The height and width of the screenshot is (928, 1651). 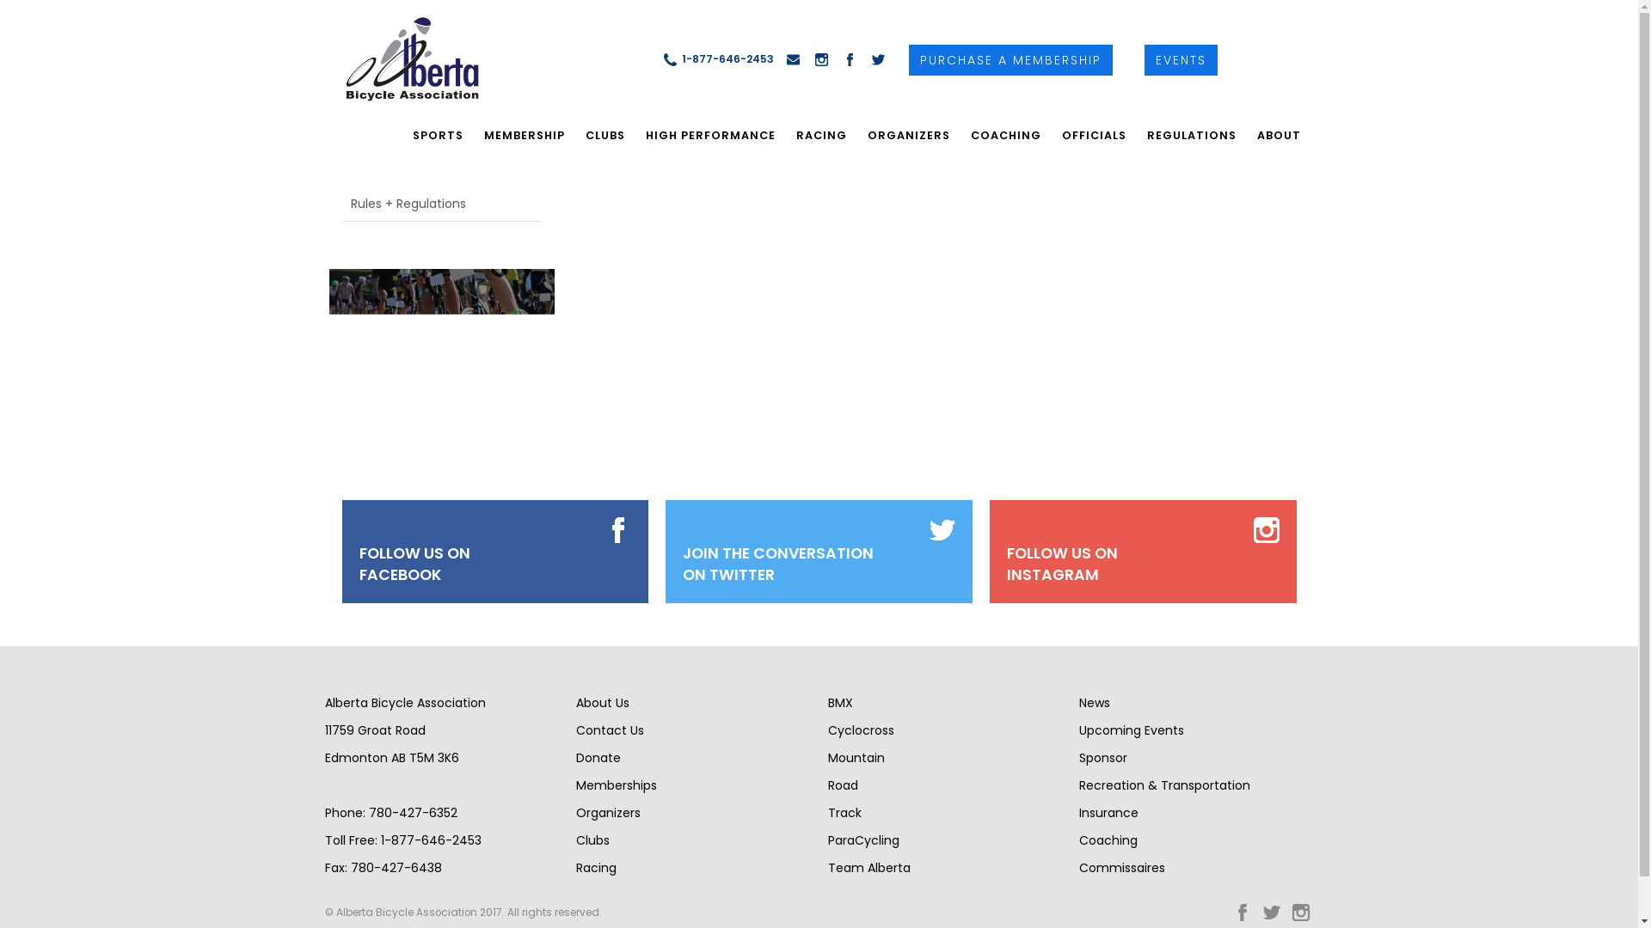 I want to click on 'Insurance', so click(x=1108, y=812).